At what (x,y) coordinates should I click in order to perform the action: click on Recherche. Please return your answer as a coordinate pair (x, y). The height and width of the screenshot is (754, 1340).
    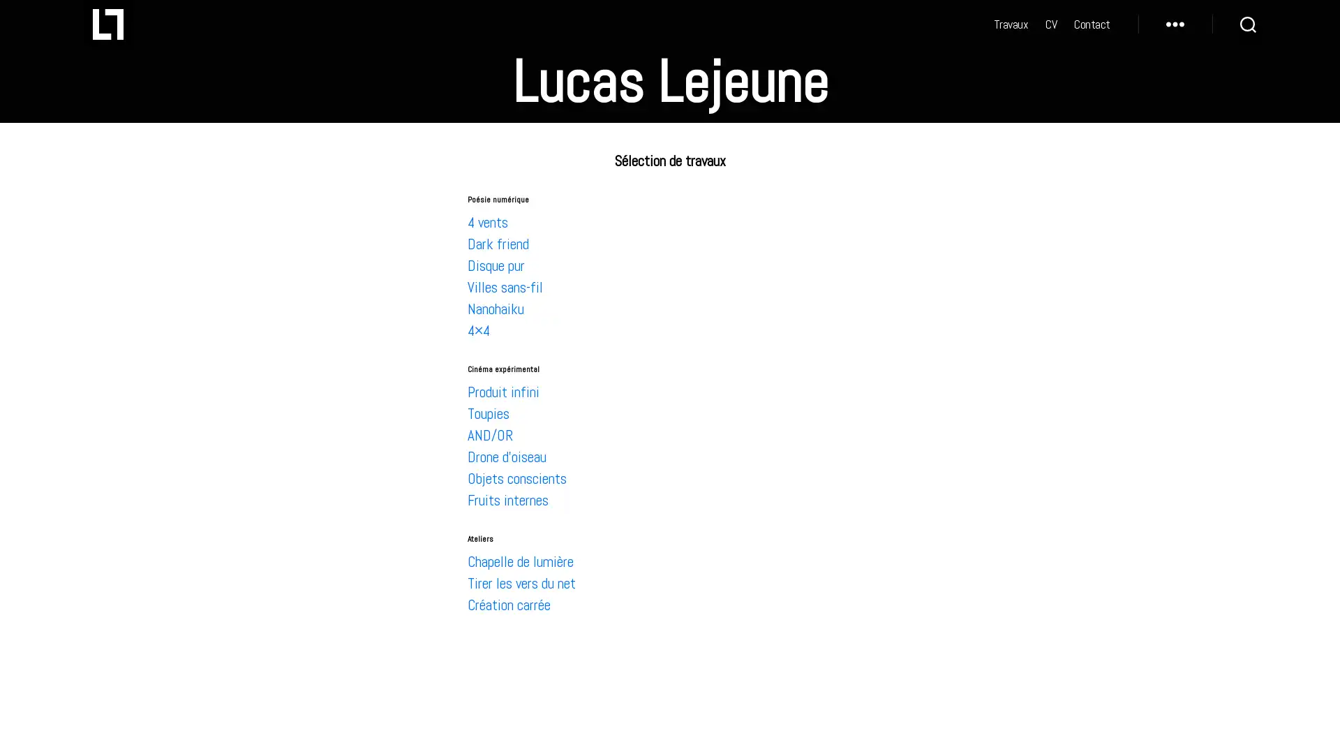
    Looking at the image, I should click on (1248, 31).